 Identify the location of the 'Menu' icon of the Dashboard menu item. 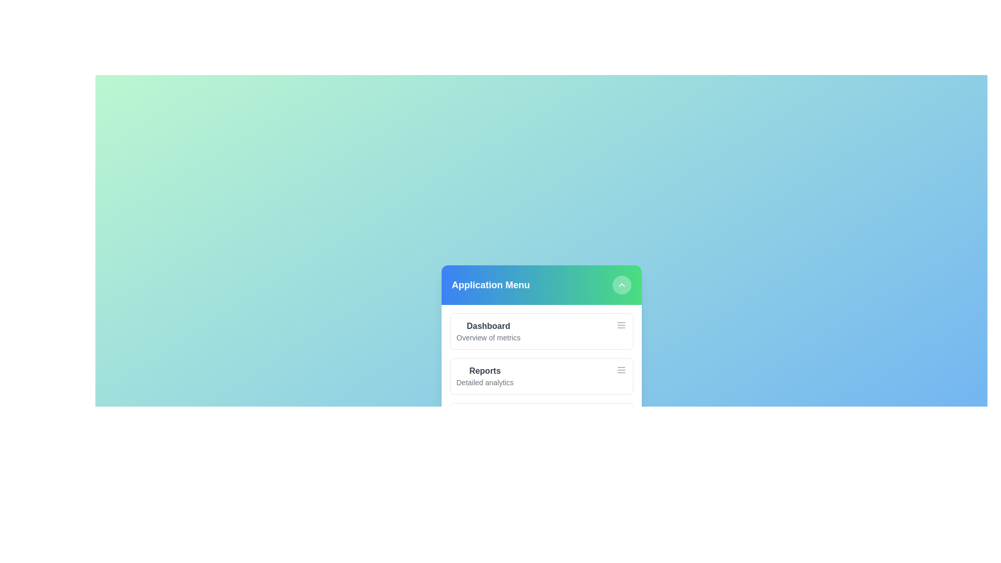
(621, 325).